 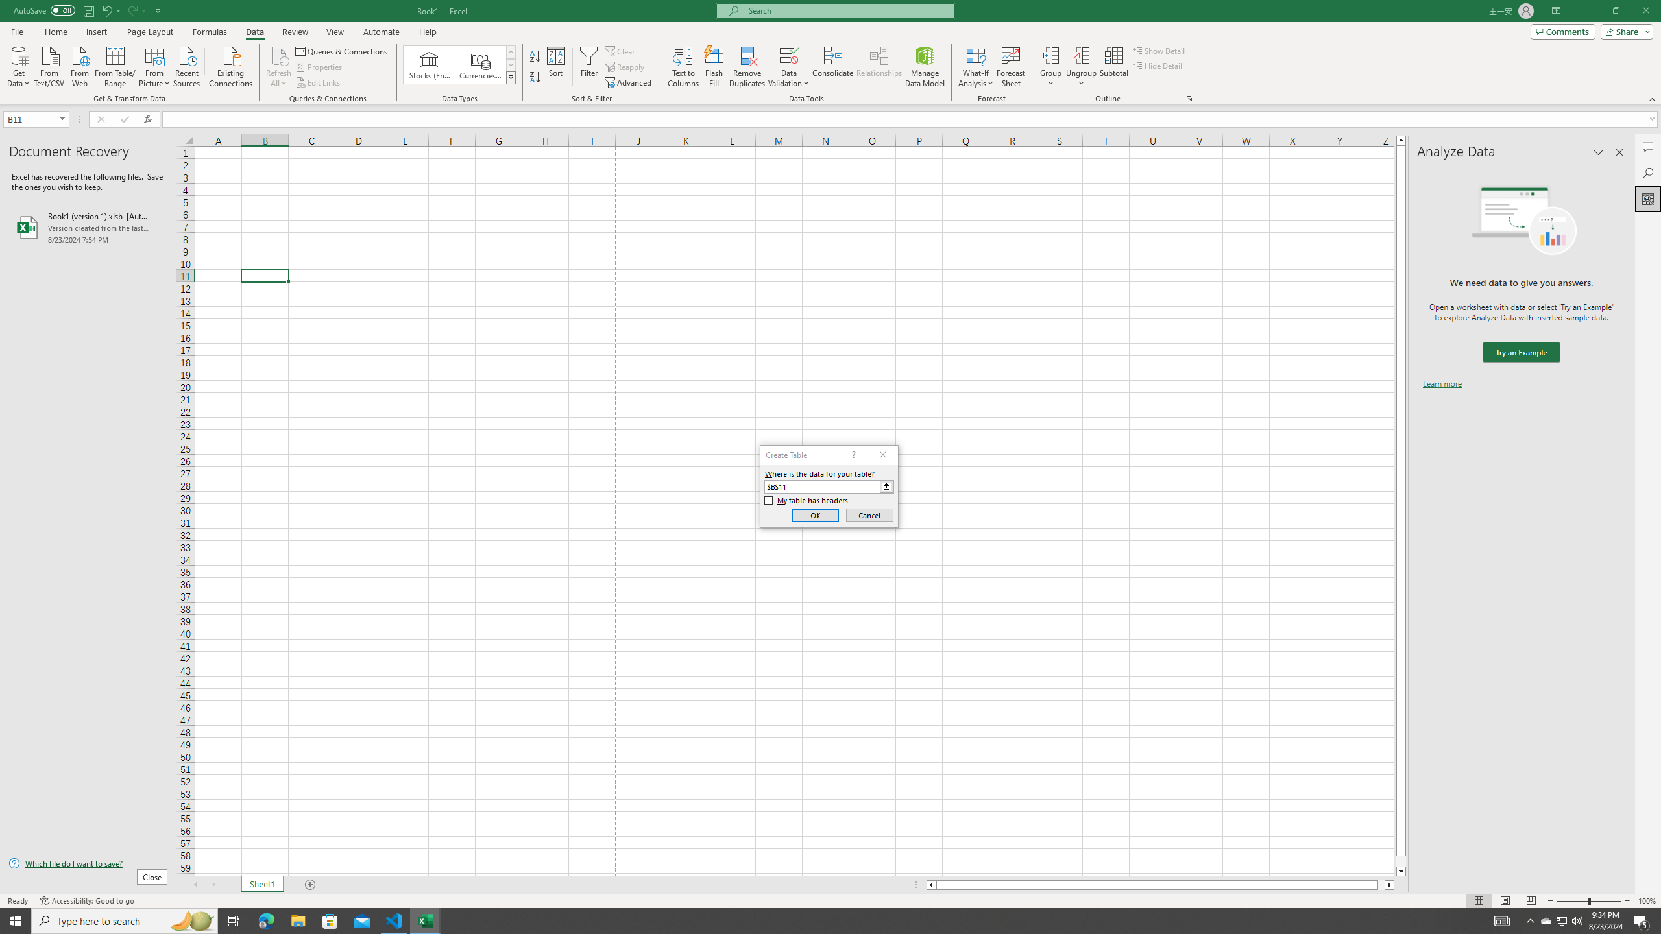 What do you see at coordinates (714, 67) in the screenshot?
I see `'Flash Fill'` at bounding box center [714, 67].